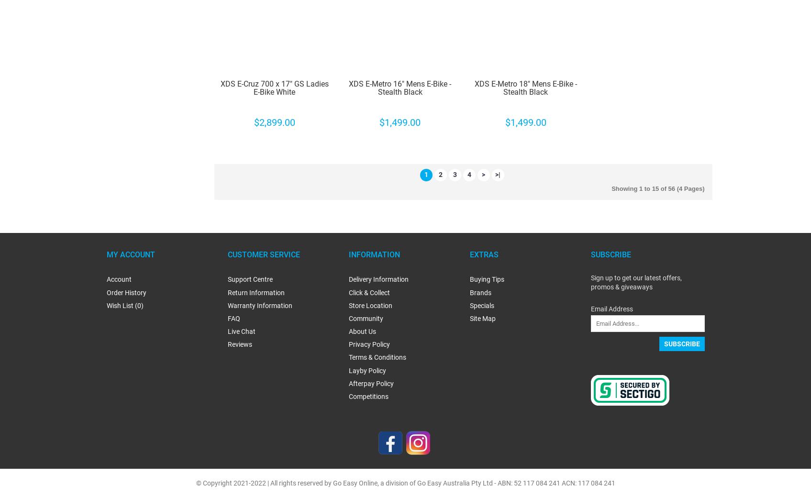  Describe the element at coordinates (425, 174) in the screenshot. I see `'1'` at that location.